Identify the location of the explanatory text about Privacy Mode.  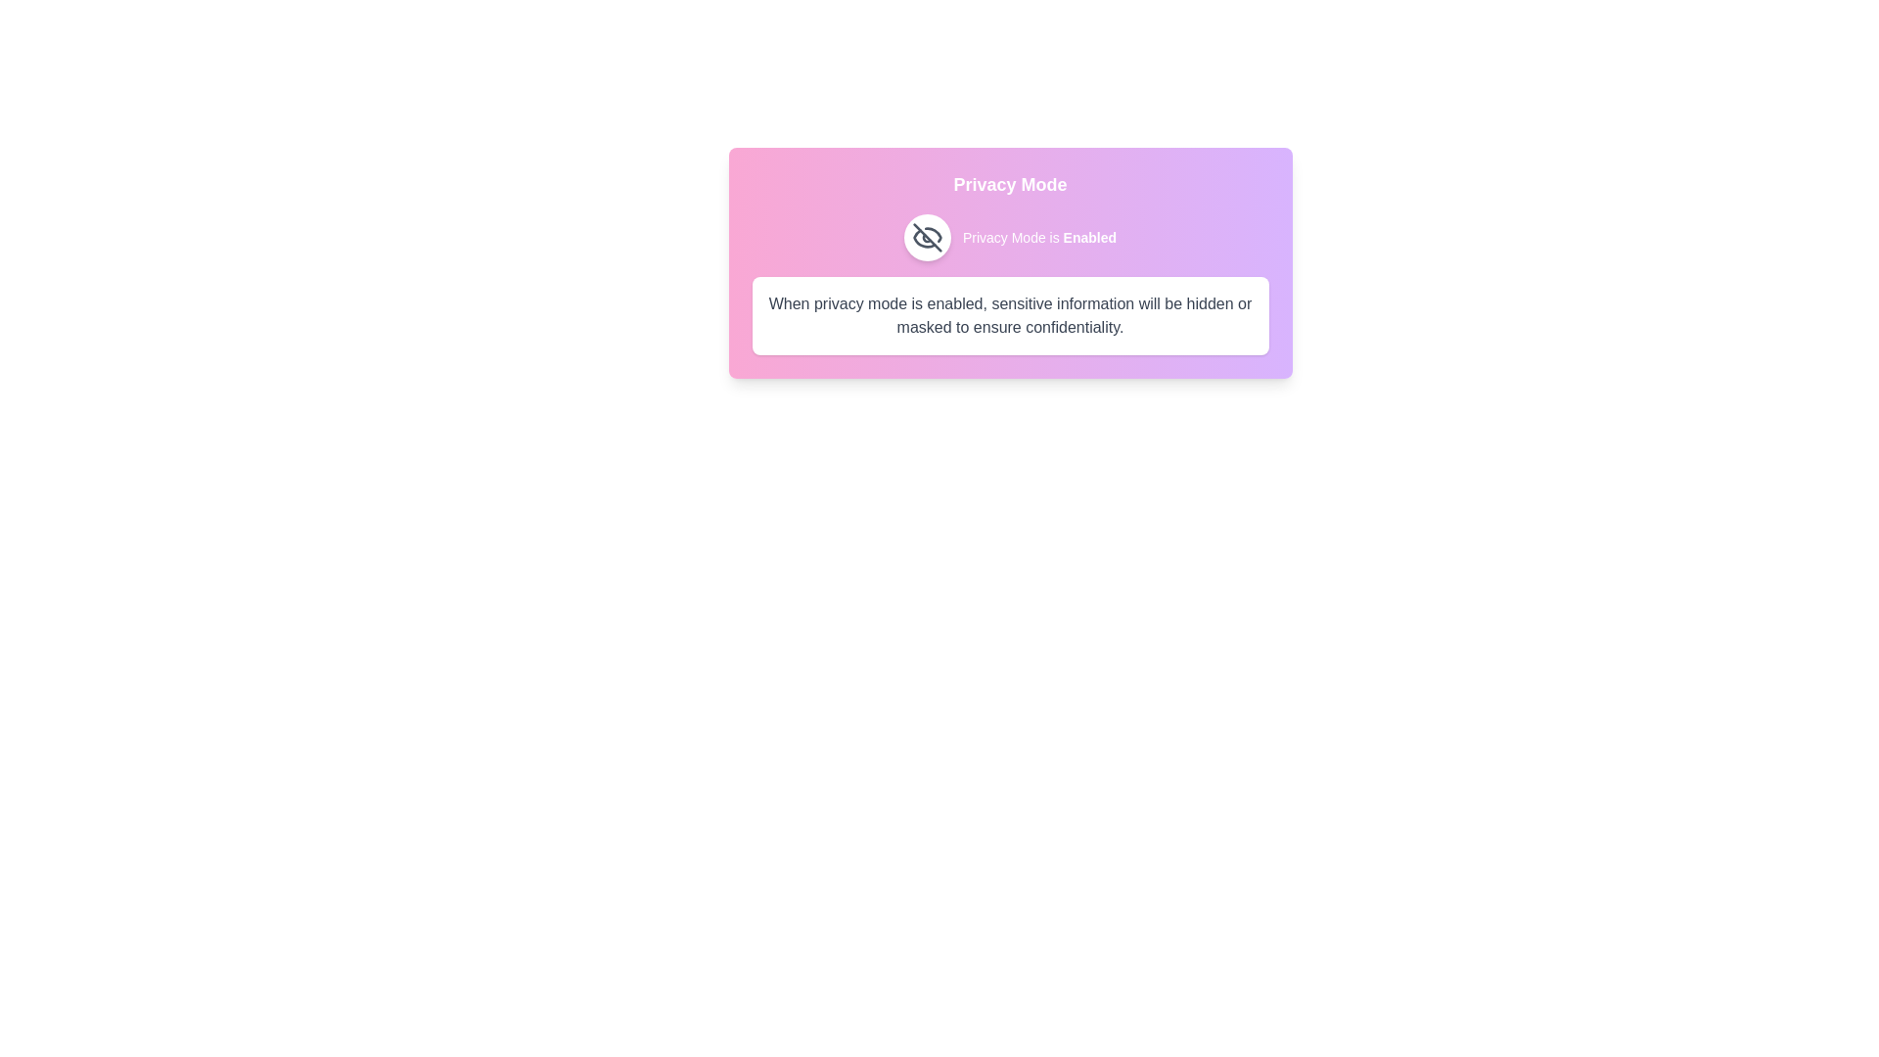
(1010, 315).